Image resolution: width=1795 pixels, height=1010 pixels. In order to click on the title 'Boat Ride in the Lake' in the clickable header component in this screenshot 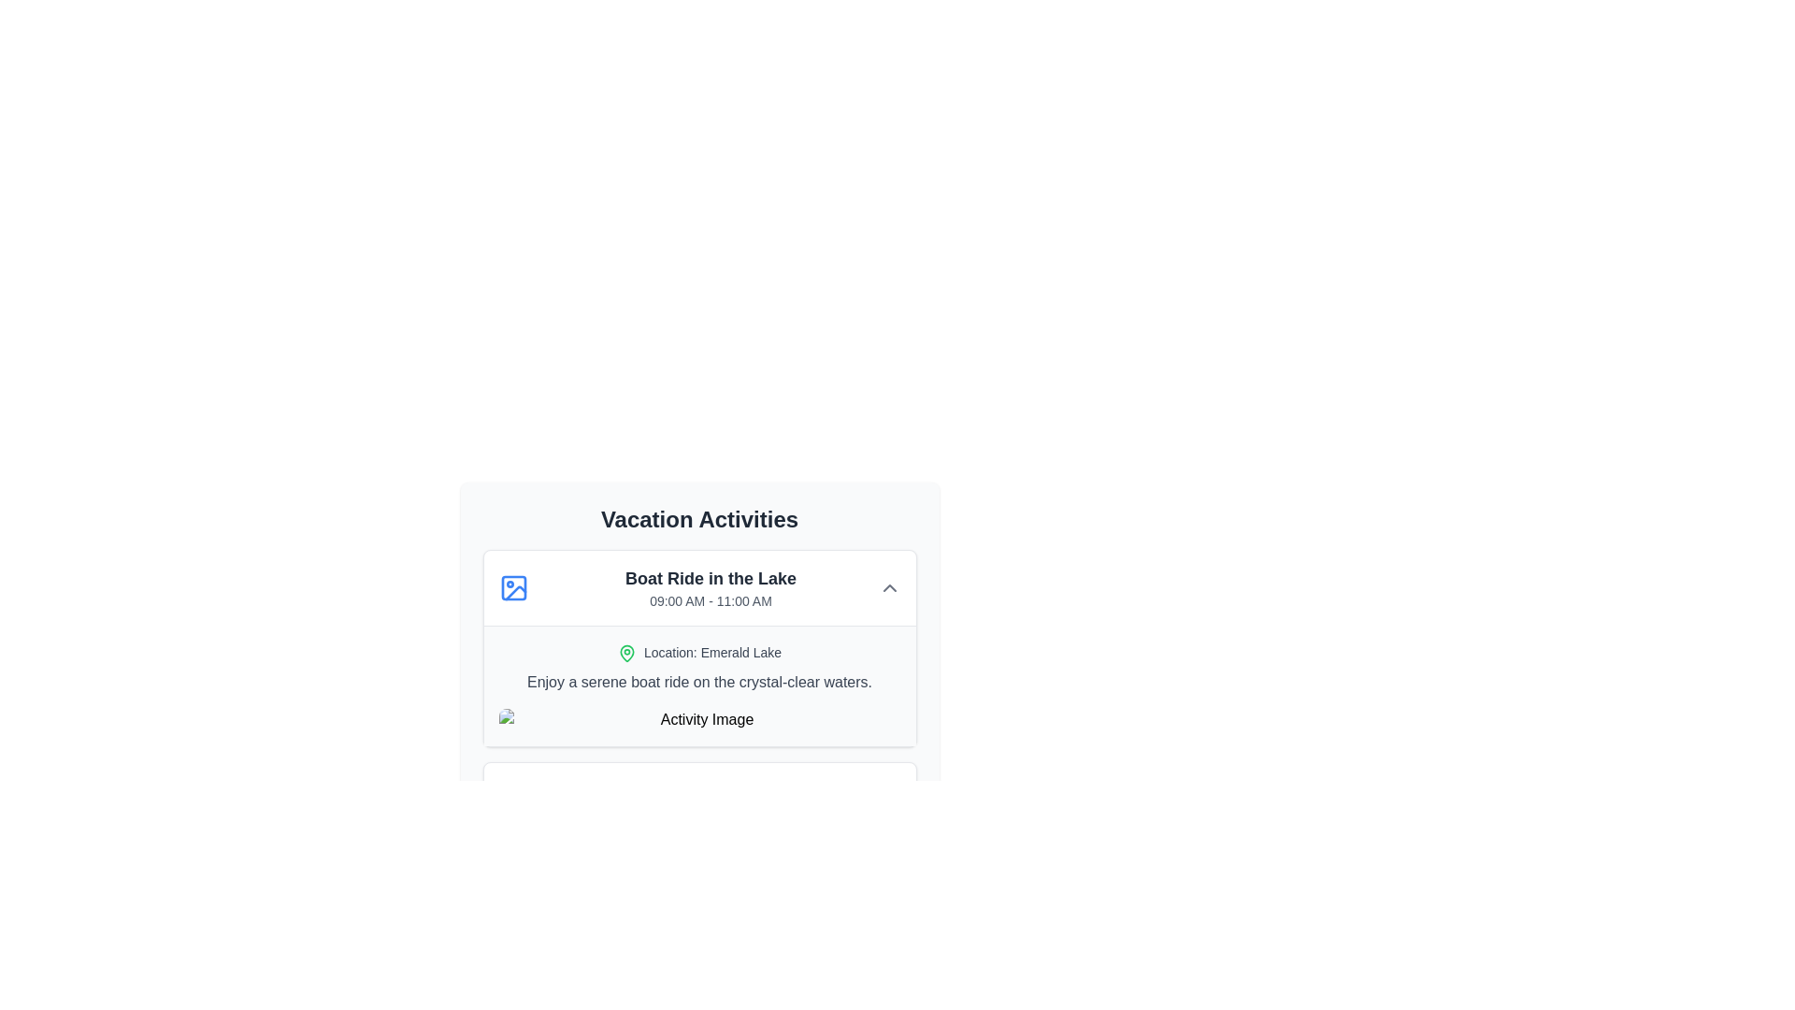, I will do `click(698, 586)`.